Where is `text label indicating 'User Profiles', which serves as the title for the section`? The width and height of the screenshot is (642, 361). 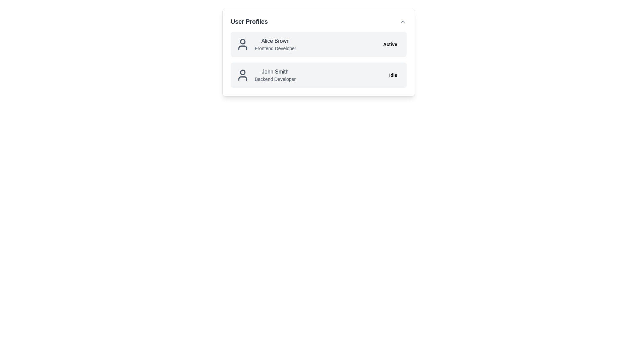 text label indicating 'User Profiles', which serves as the title for the section is located at coordinates (249, 21).